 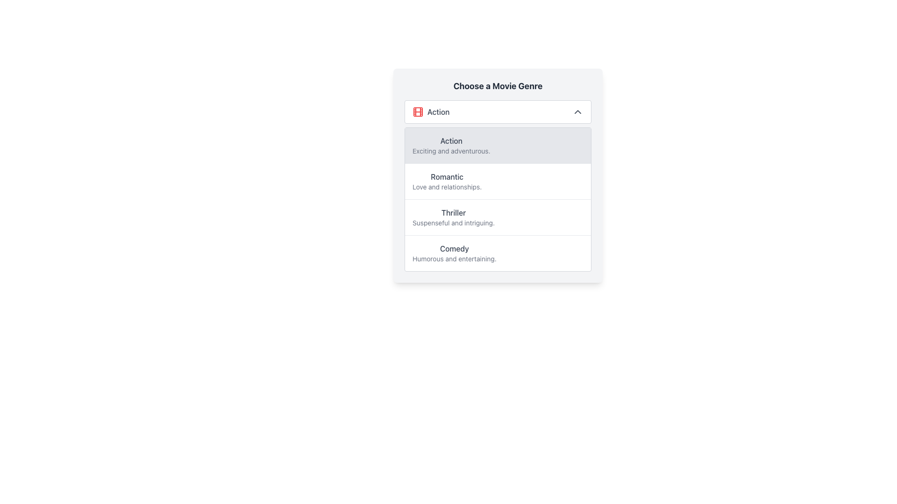 What do you see at coordinates (497, 111) in the screenshot?
I see `the Dropdown trigger component labeled 'Action'` at bounding box center [497, 111].